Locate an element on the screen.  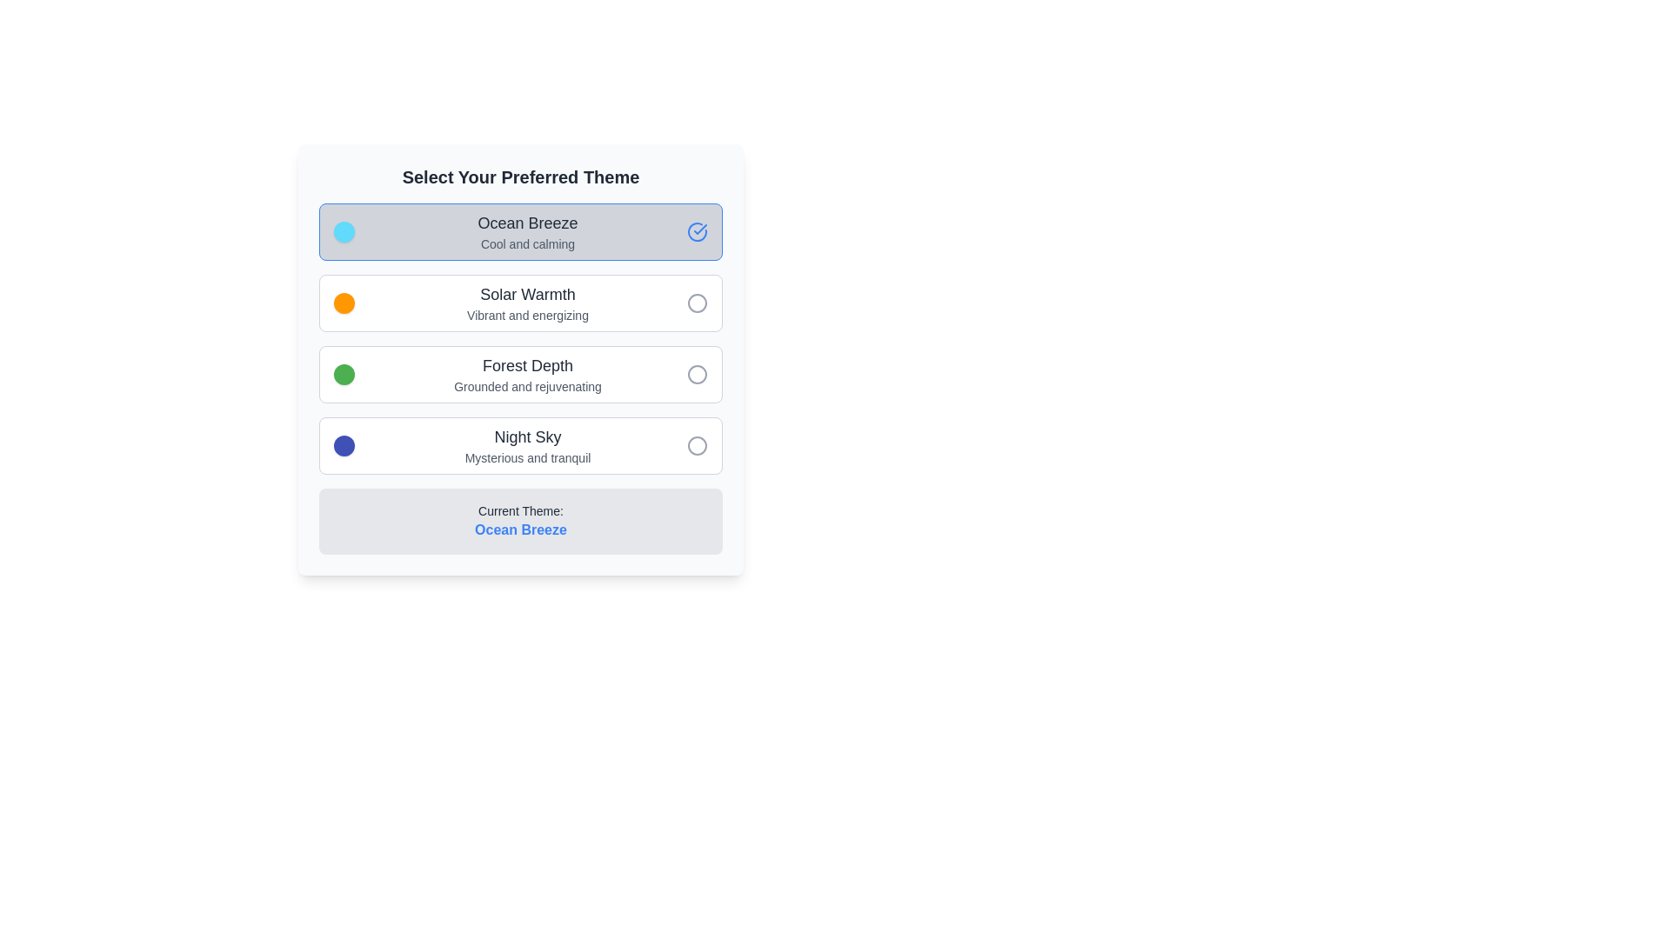
the bold, centered text that reads 'Select Your Preferred Theme,' which serves as the header for the theme selection interface is located at coordinates (520, 177).